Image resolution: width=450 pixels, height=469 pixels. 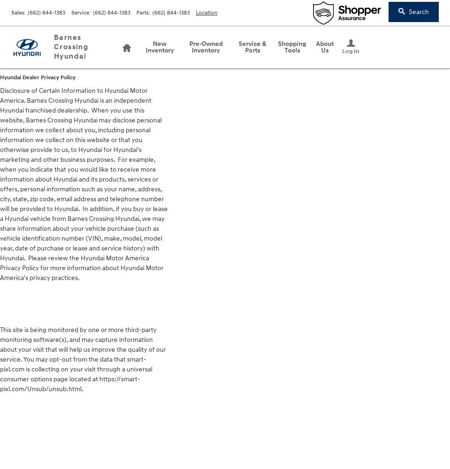 I want to click on 'Parts', so click(x=142, y=13).